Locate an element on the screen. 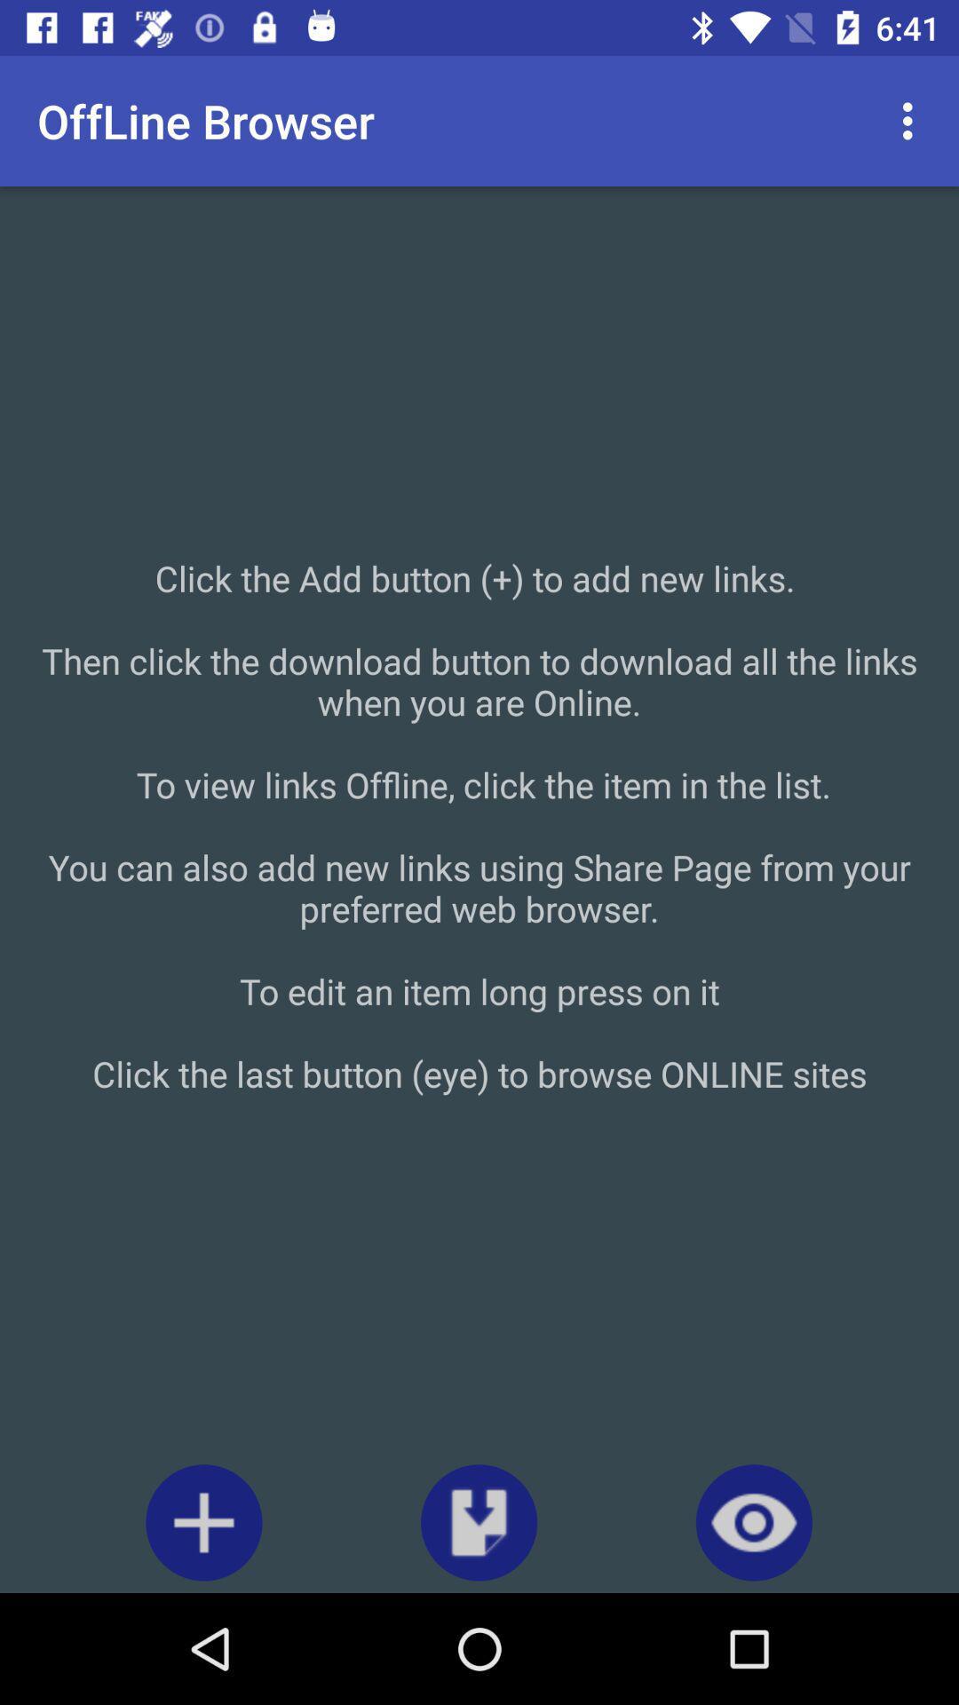 The image size is (959, 1705). the app next to offline browser icon is located at coordinates (912, 120).